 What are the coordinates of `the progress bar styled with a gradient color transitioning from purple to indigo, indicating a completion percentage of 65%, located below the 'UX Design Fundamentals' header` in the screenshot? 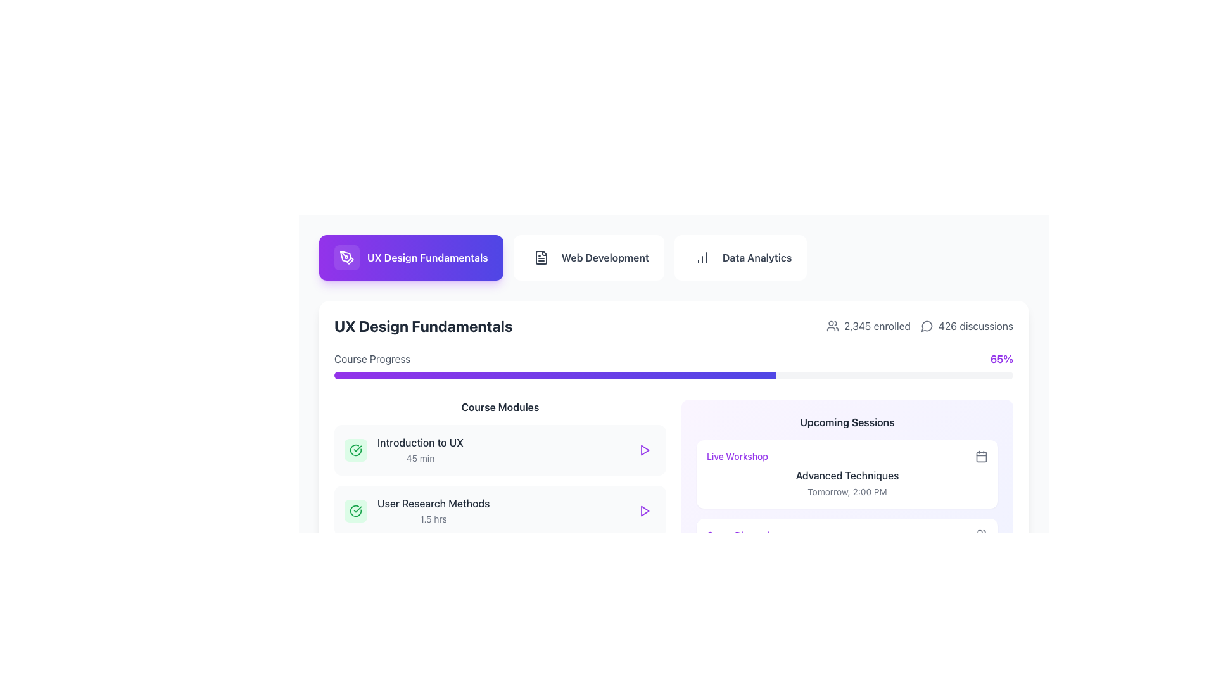 It's located at (673, 365).